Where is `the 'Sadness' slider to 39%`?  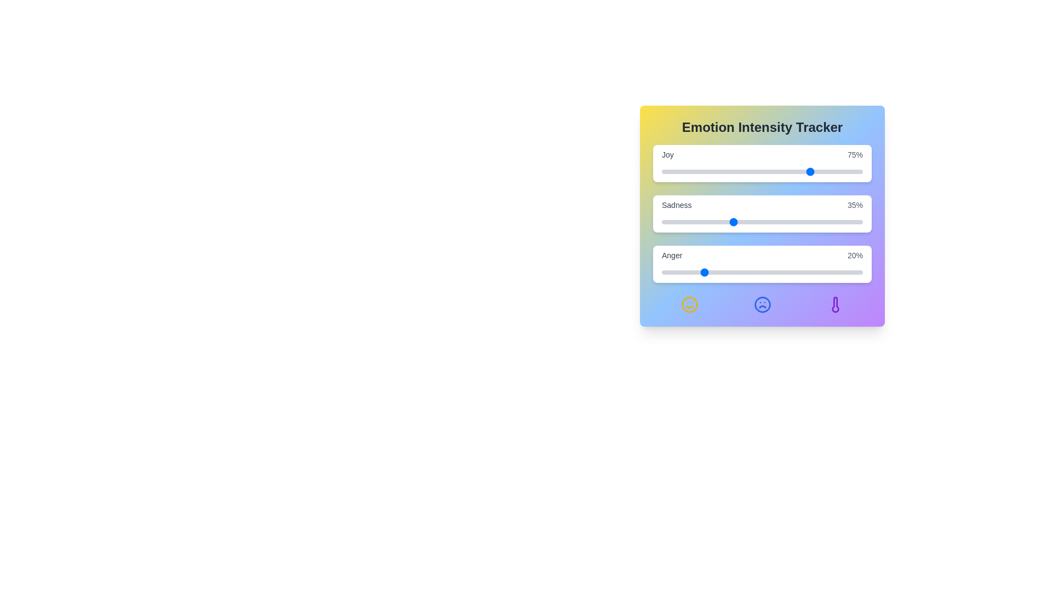
the 'Sadness' slider to 39% is located at coordinates (740, 222).